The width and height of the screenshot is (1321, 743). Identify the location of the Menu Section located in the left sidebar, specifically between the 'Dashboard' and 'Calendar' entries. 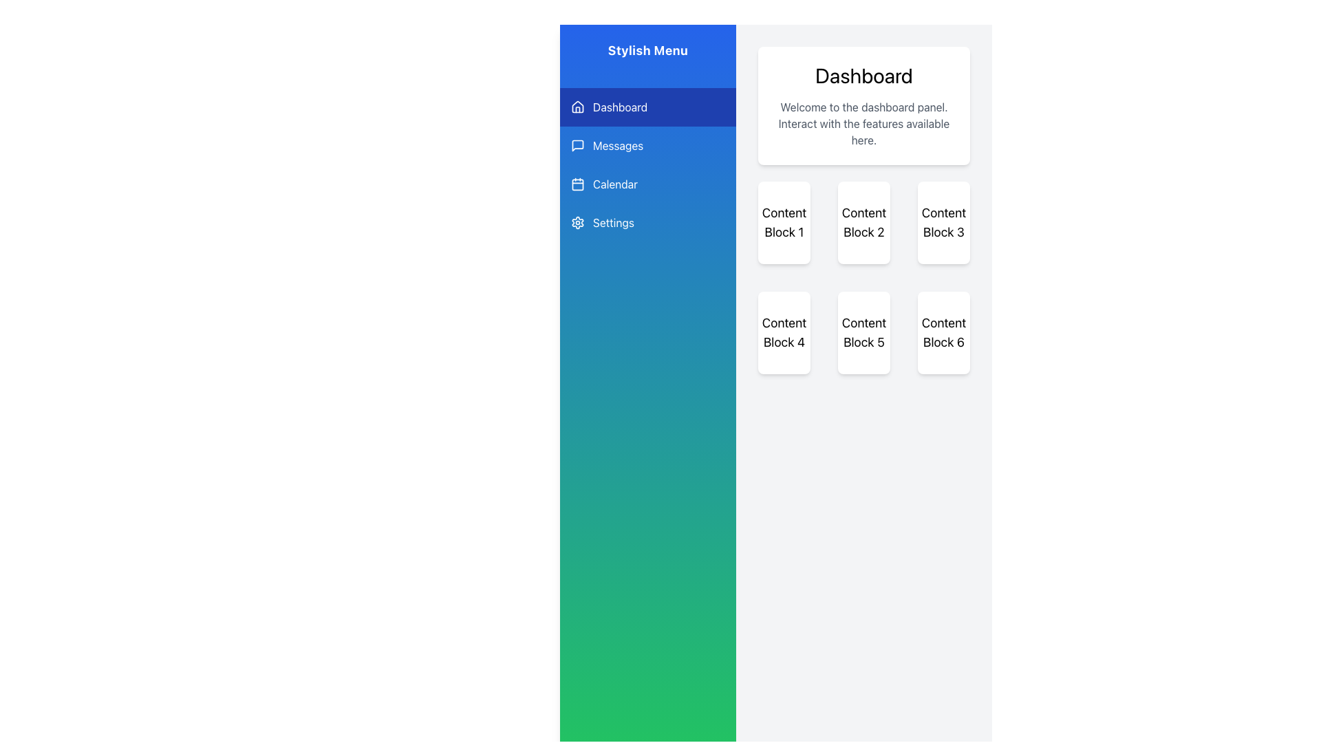
(647, 158).